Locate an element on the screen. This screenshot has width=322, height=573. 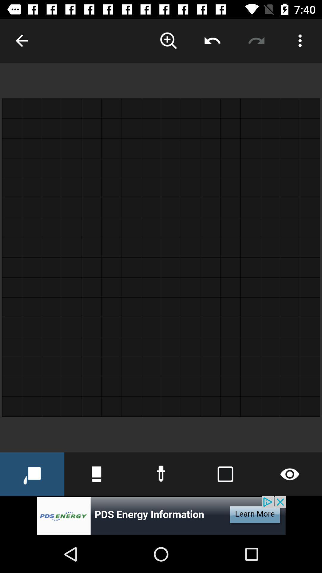
go back is located at coordinates (21, 40).